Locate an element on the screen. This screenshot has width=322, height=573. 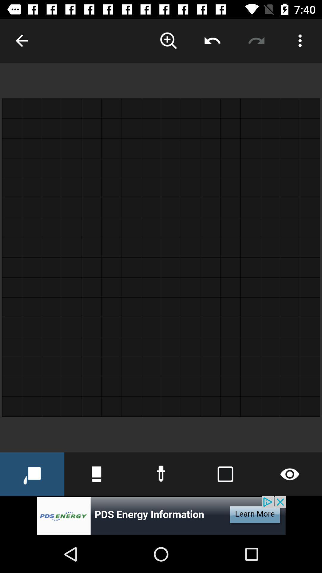
go back is located at coordinates (21, 40).